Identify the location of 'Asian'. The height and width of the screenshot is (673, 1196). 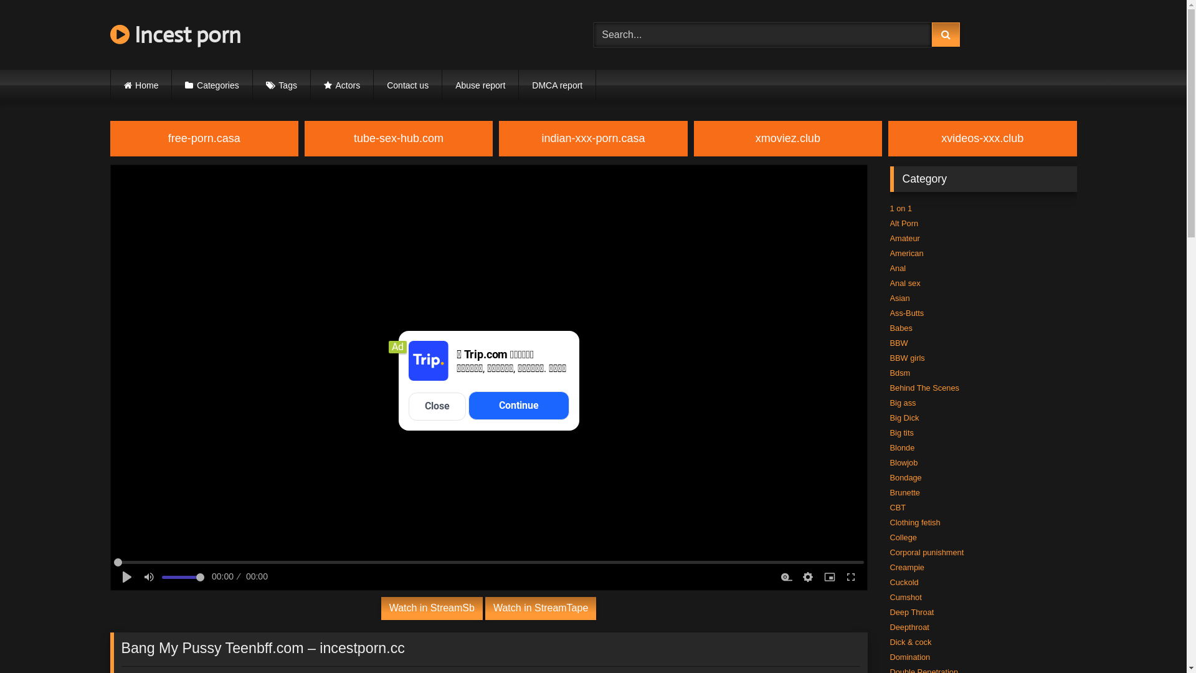
(899, 298).